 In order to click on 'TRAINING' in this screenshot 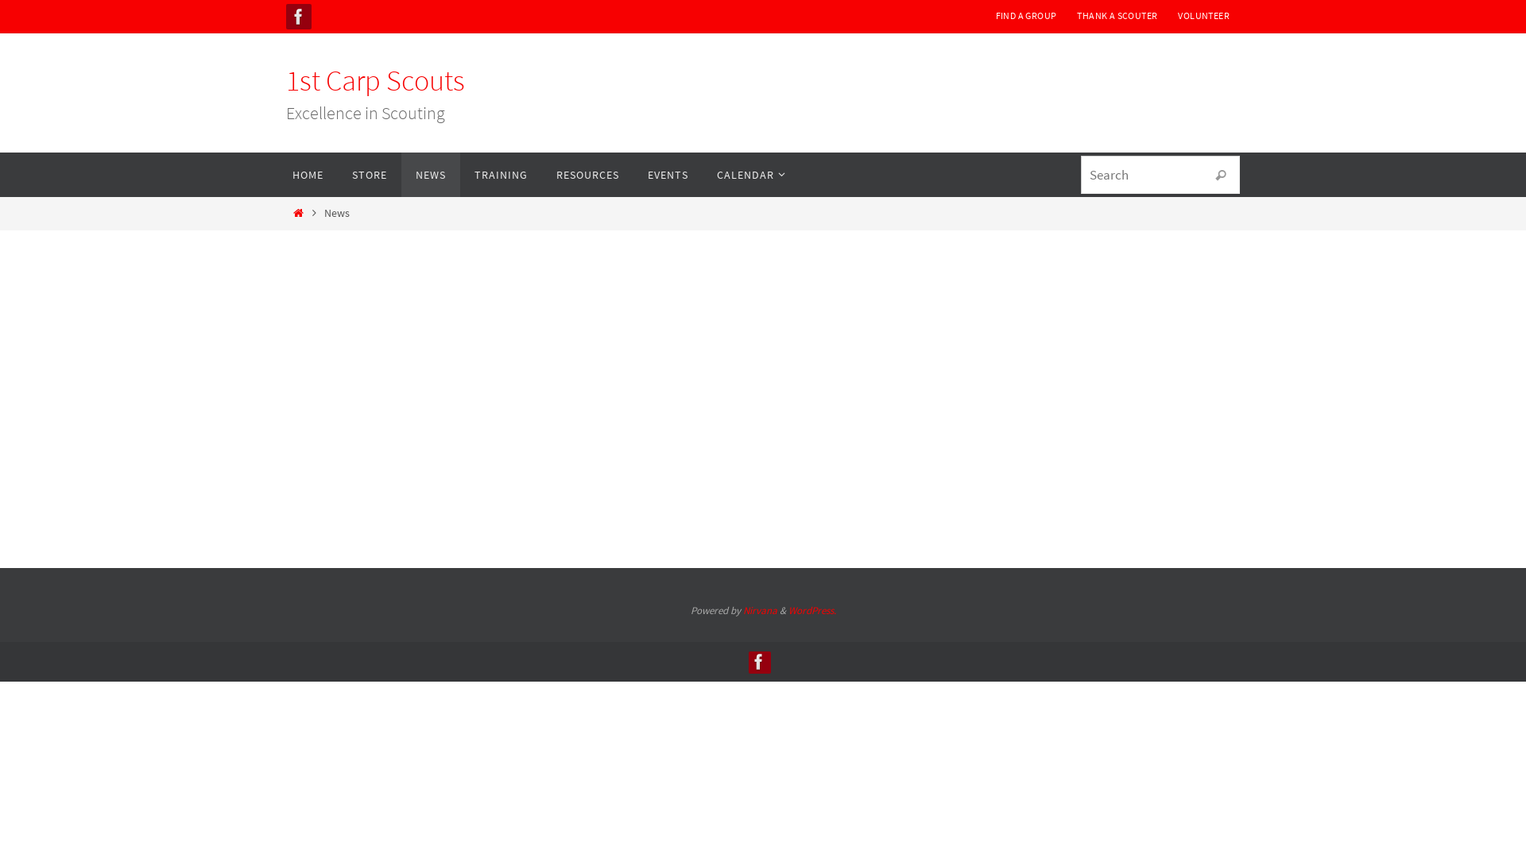, I will do `click(459, 174)`.